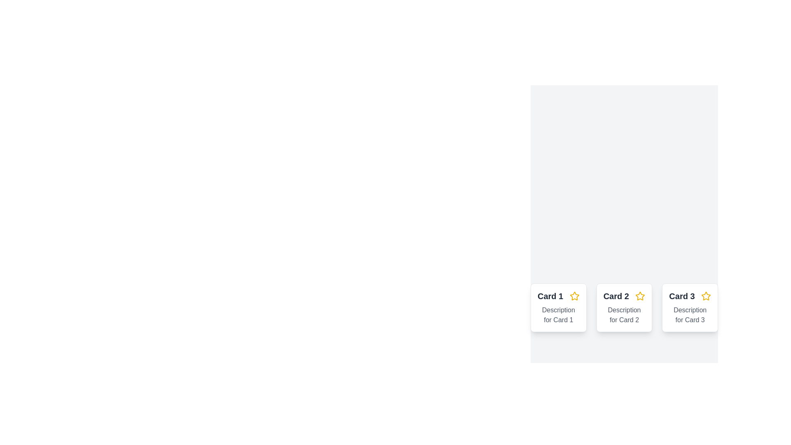  I want to click on title text located at the top of the center card in a three-card row layout, so click(624, 295).